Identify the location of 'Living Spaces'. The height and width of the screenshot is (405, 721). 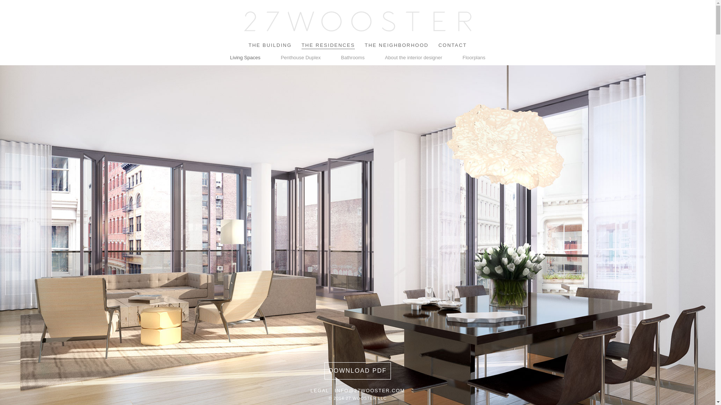
(245, 57).